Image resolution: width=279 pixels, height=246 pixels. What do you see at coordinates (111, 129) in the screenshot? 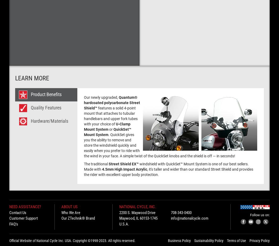
I see `'or'` at bounding box center [111, 129].